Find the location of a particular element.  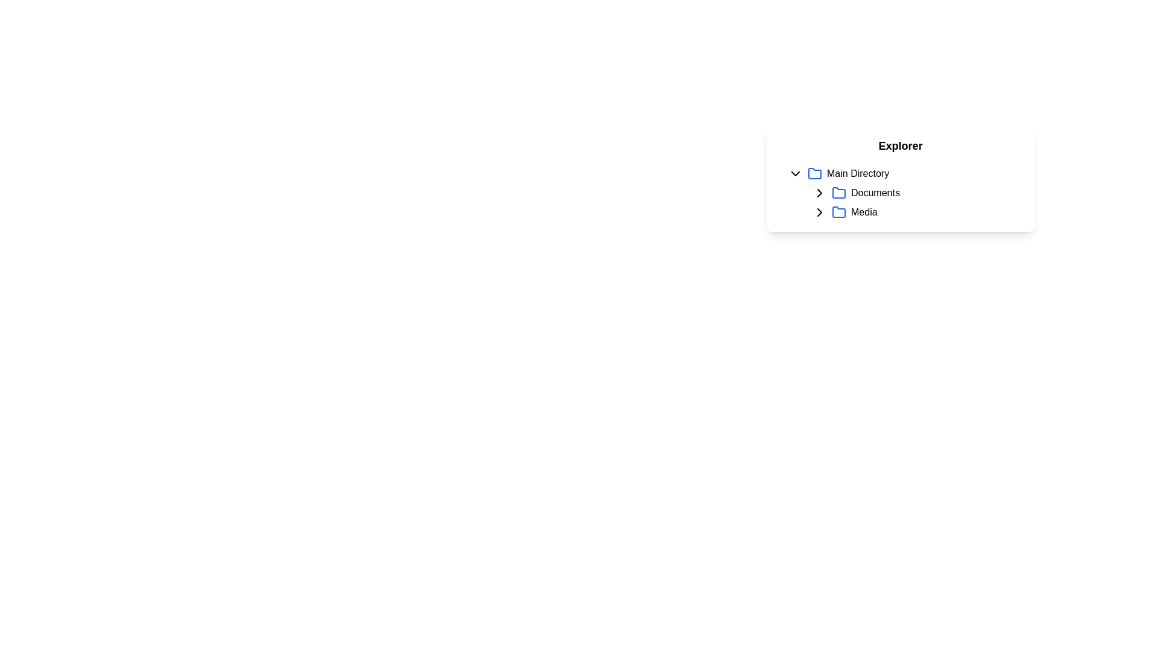

the 'Documents' text label, which is displayed in bold black font next to a blue folder icon within the 'Explorer' panel is located at coordinates (875, 193).